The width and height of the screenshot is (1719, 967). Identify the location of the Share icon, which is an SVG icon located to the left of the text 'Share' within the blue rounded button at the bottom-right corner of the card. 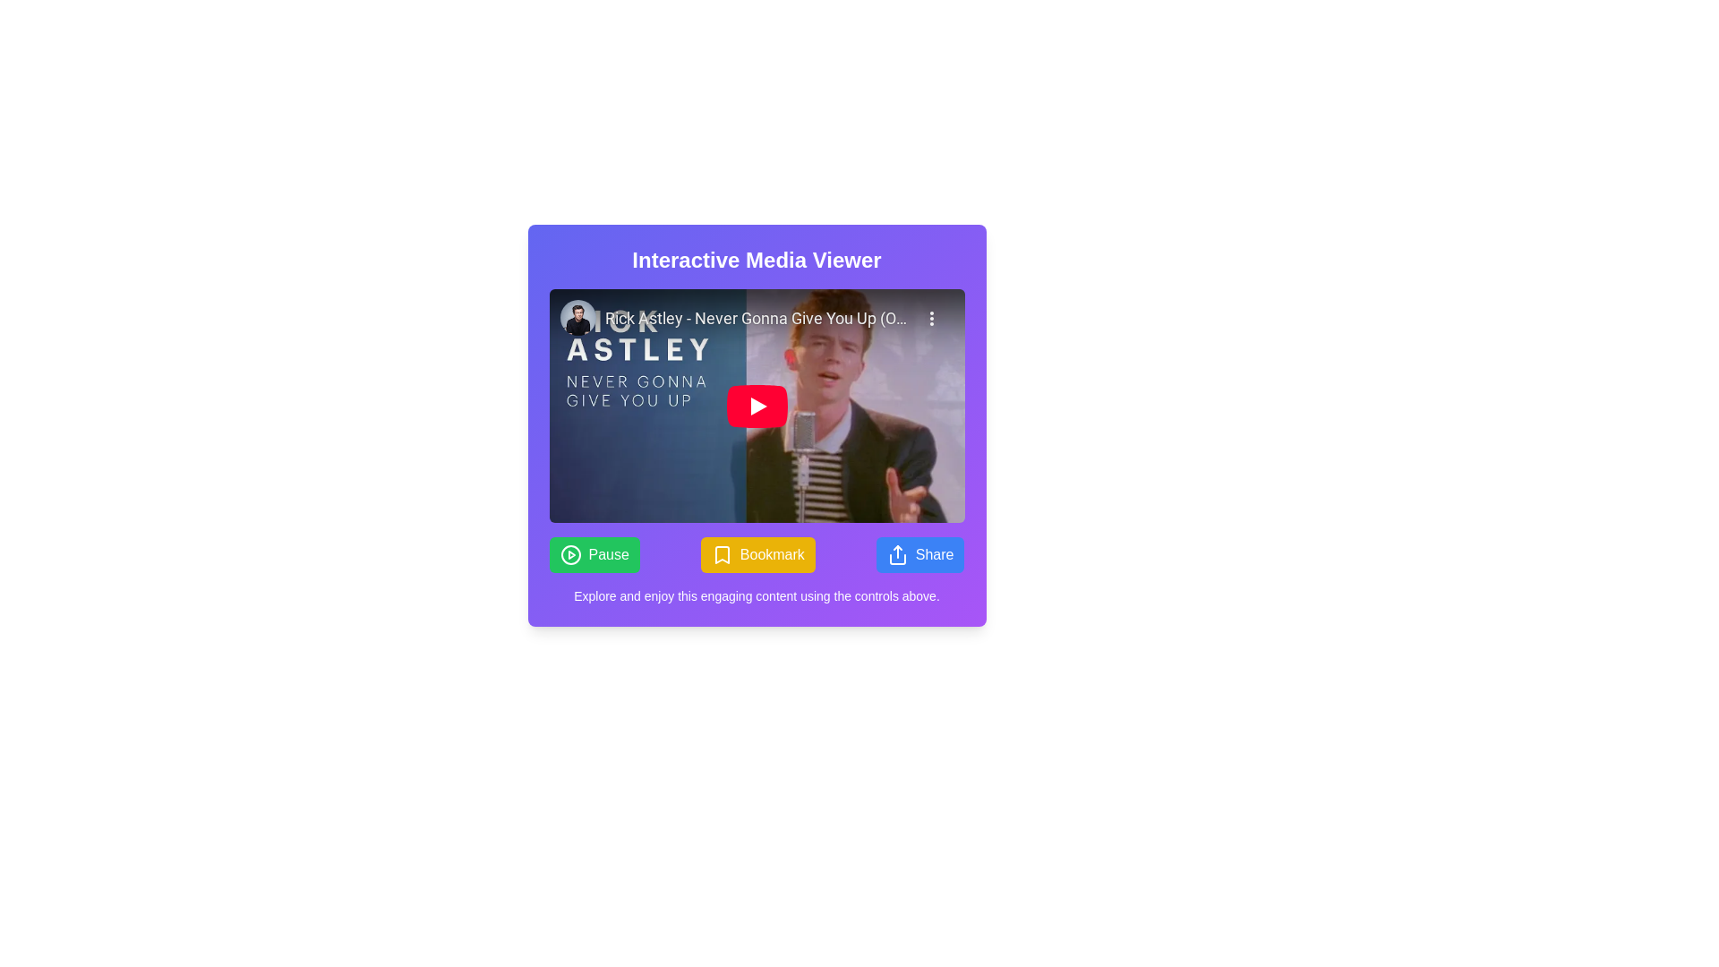
(897, 554).